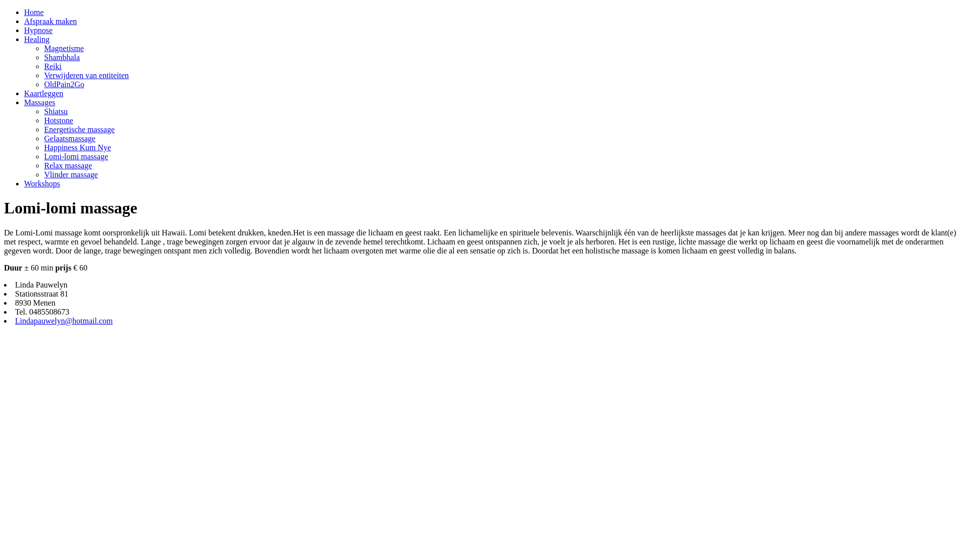 Image resolution: width=963 pixels, height=541 pixels. Describe the element at coordinates (70, 174) in the screenshot. I see `'Vlinder massage'` at that location.